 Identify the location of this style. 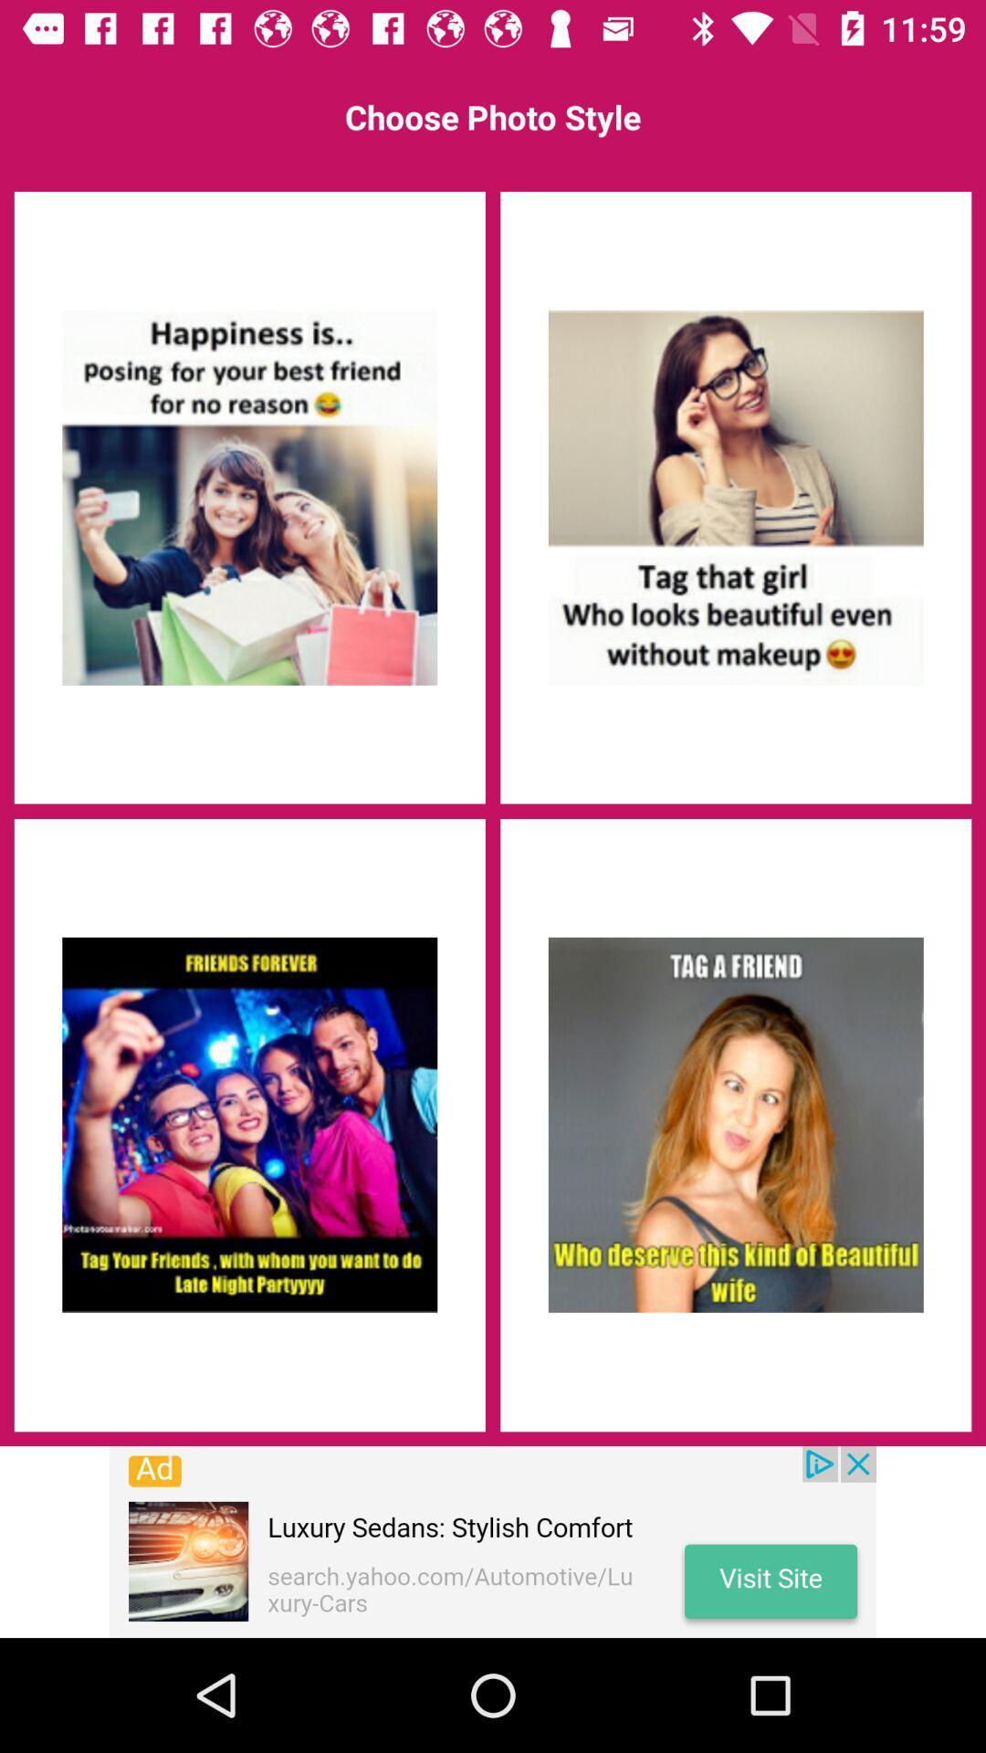
(735, 498).